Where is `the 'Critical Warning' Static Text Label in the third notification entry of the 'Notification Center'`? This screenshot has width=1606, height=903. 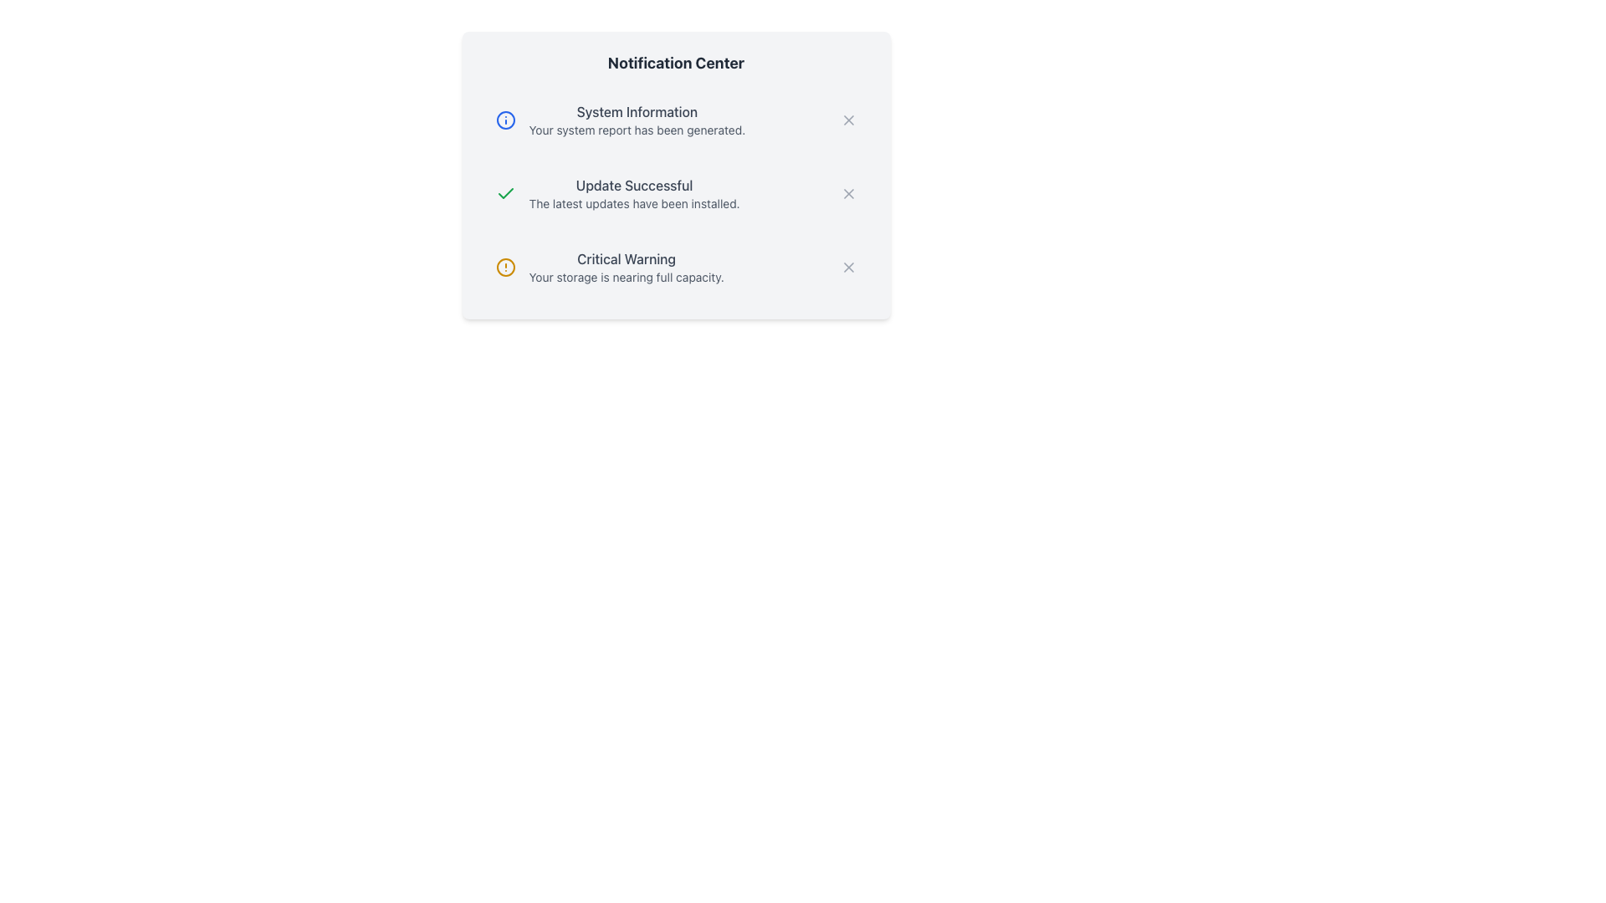
the 'Critical Warning' Static Text Label in the third notification entry of the 'Notification Center' is located at coordinates (626, 258).